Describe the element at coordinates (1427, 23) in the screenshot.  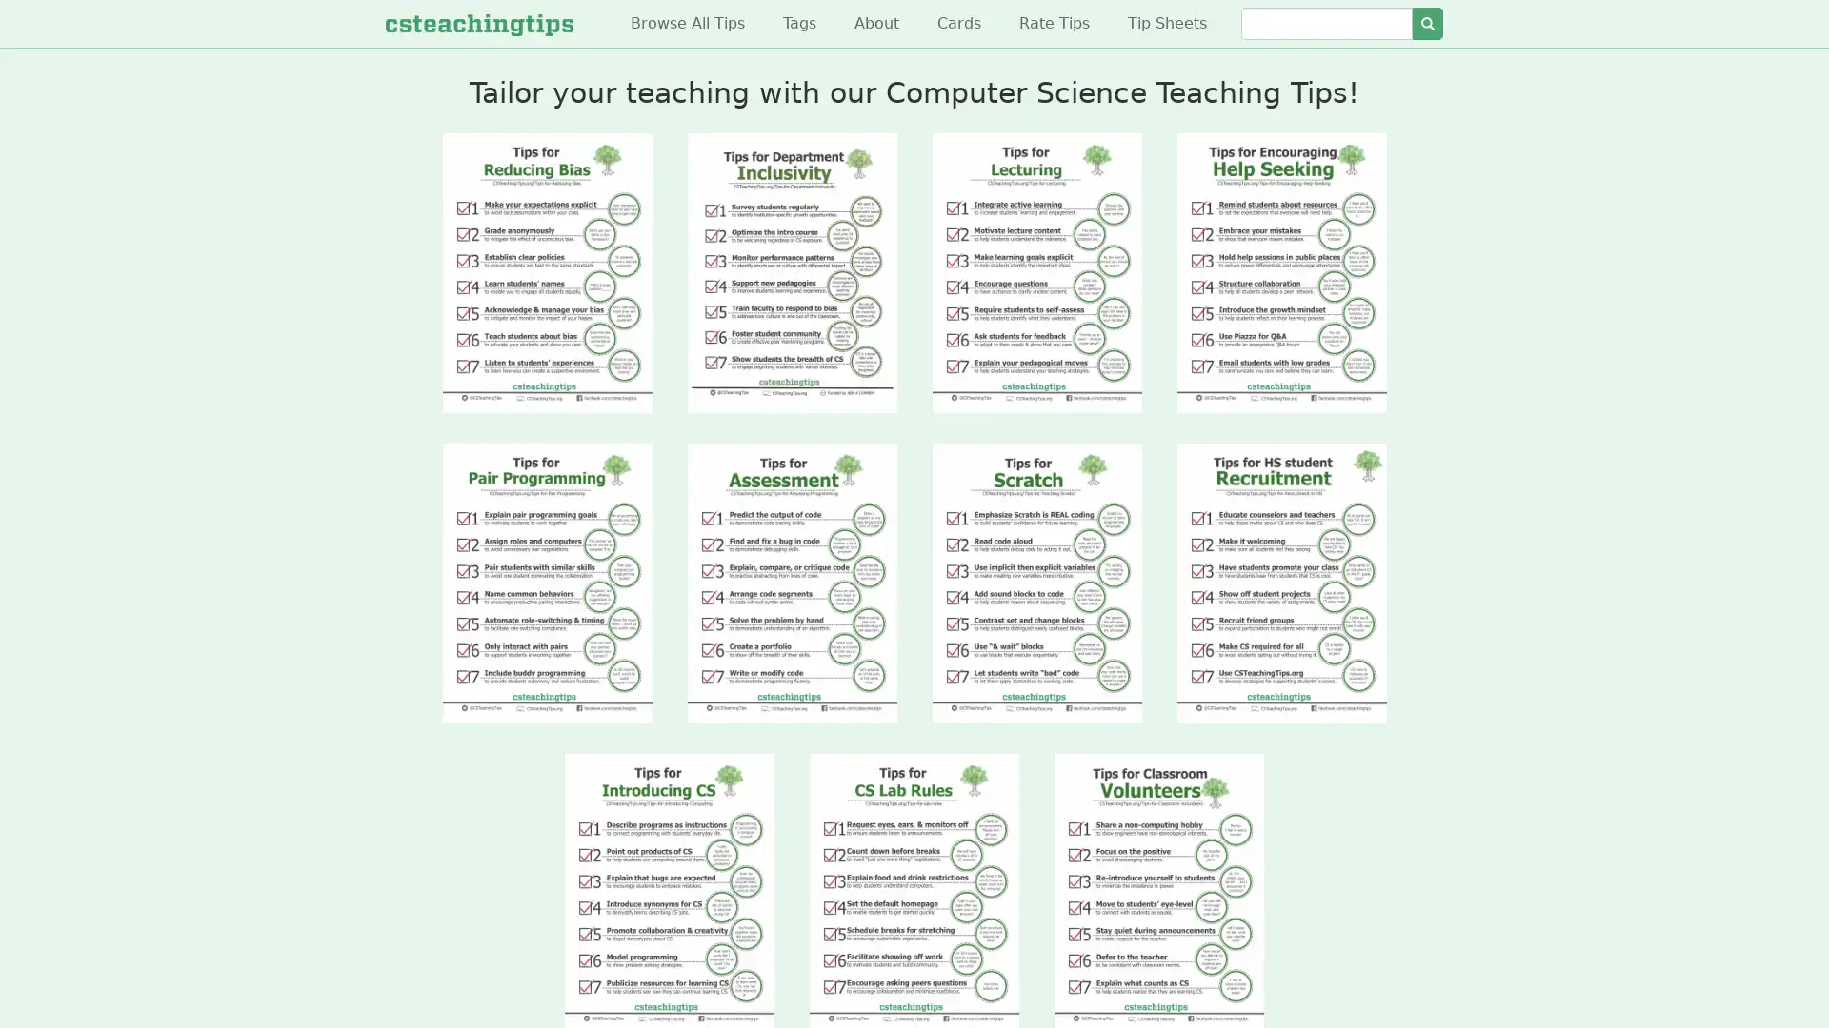
I see `Search` at that location.